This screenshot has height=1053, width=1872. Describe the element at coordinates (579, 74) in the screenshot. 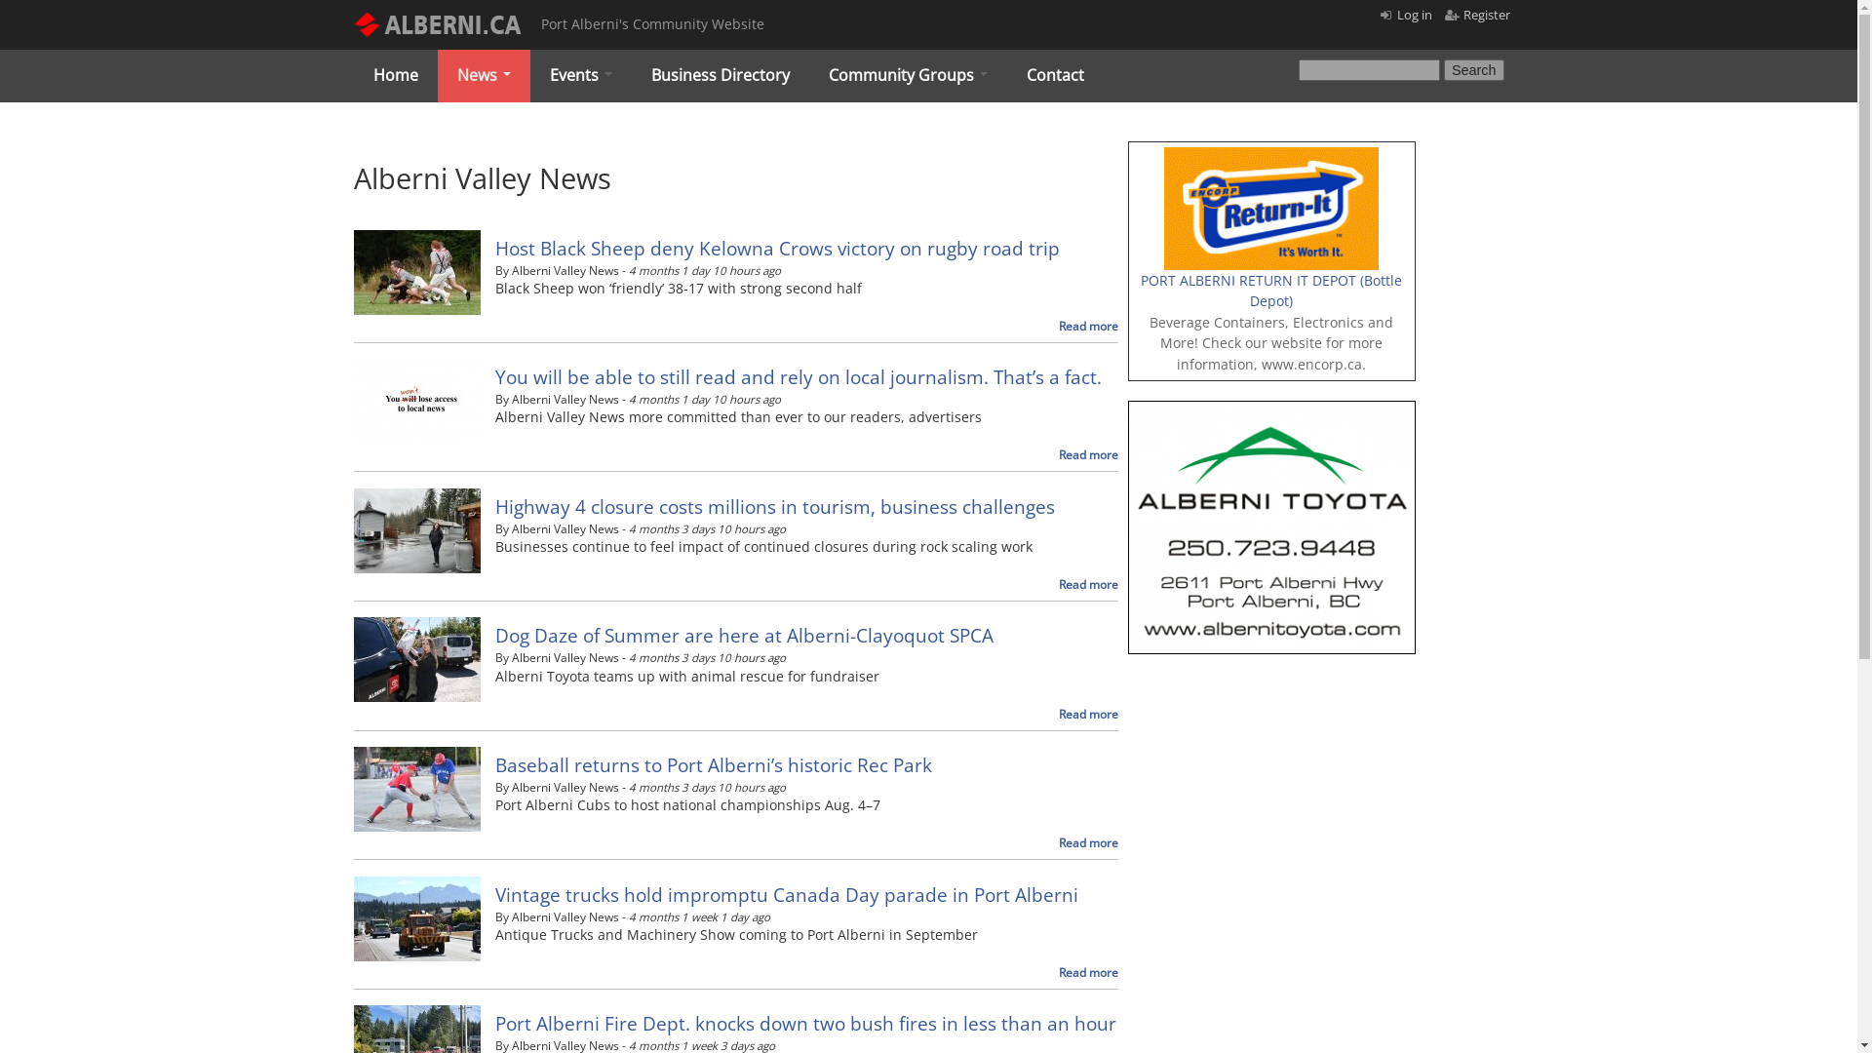

I see `'Events'` at that location.